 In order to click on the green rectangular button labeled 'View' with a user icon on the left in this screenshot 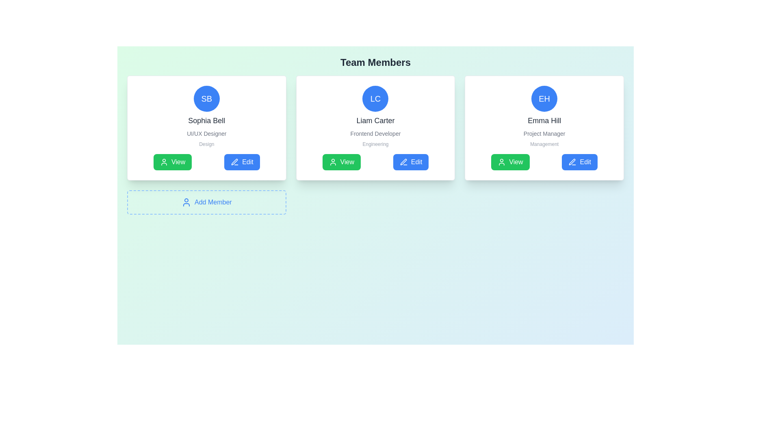, I will do `click(172, 162)`.